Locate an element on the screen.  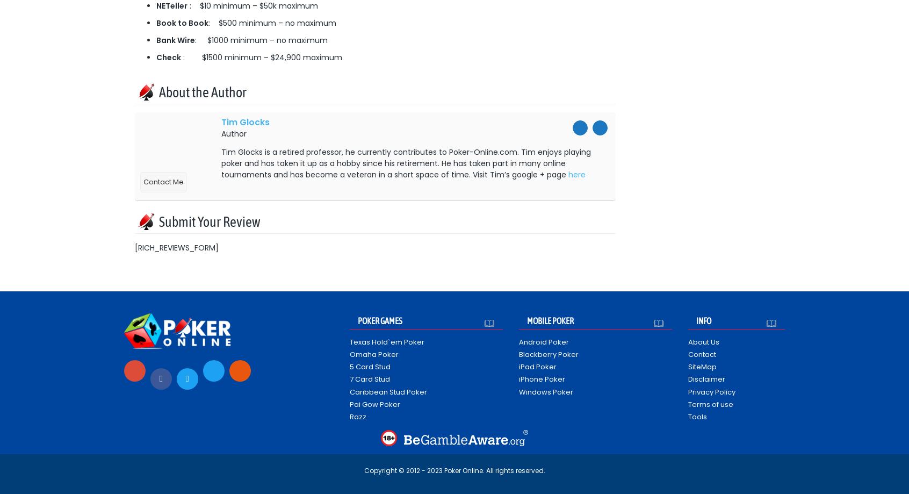
'Info' is located at coordinates (703, 320).